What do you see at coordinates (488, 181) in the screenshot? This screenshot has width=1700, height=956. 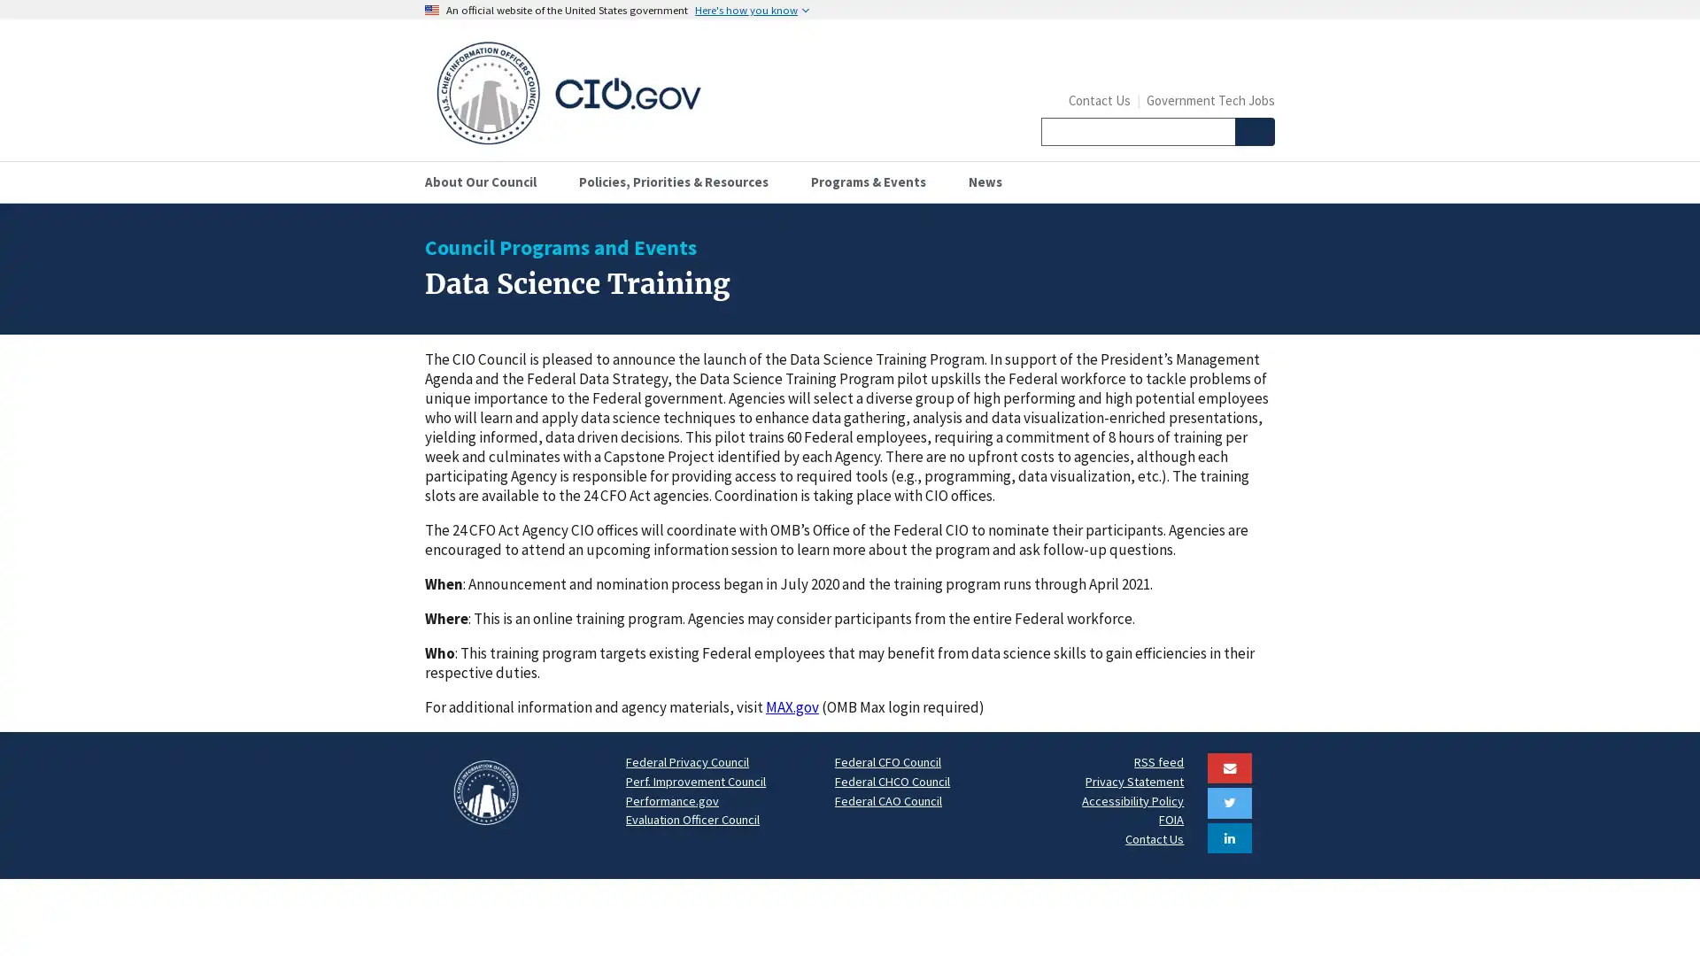 I see `About Our Council` at bounding box center [488, 181].